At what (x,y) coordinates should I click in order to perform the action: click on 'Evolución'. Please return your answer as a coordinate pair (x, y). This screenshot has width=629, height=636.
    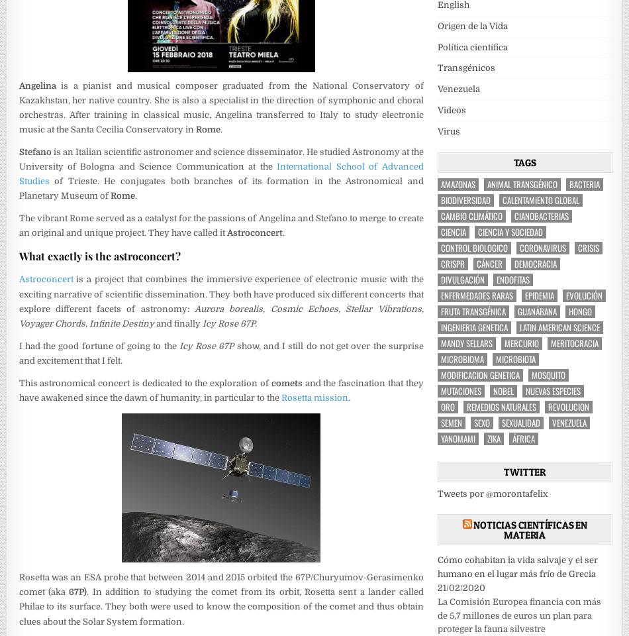
    Looking at the image, I should click on (583, 294).